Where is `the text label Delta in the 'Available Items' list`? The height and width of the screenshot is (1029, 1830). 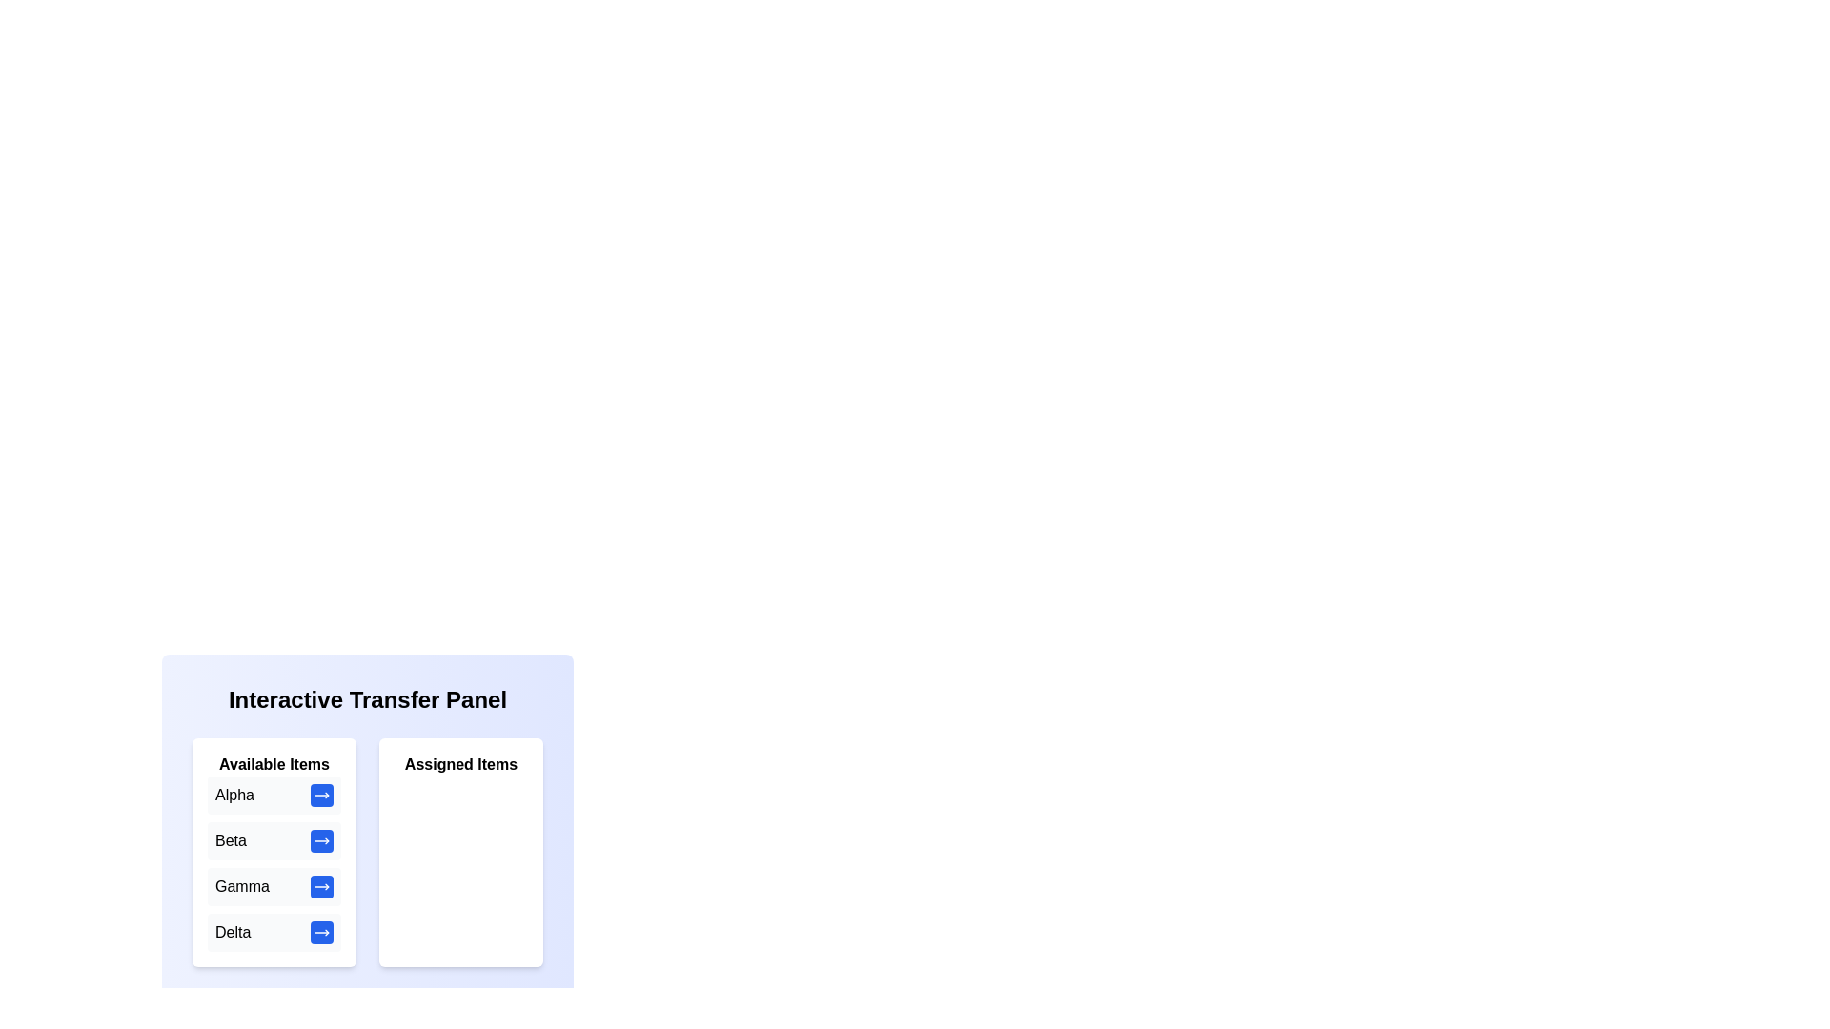 the text label Delta in the 'Available Items' list is located at coordinates (232, 932).